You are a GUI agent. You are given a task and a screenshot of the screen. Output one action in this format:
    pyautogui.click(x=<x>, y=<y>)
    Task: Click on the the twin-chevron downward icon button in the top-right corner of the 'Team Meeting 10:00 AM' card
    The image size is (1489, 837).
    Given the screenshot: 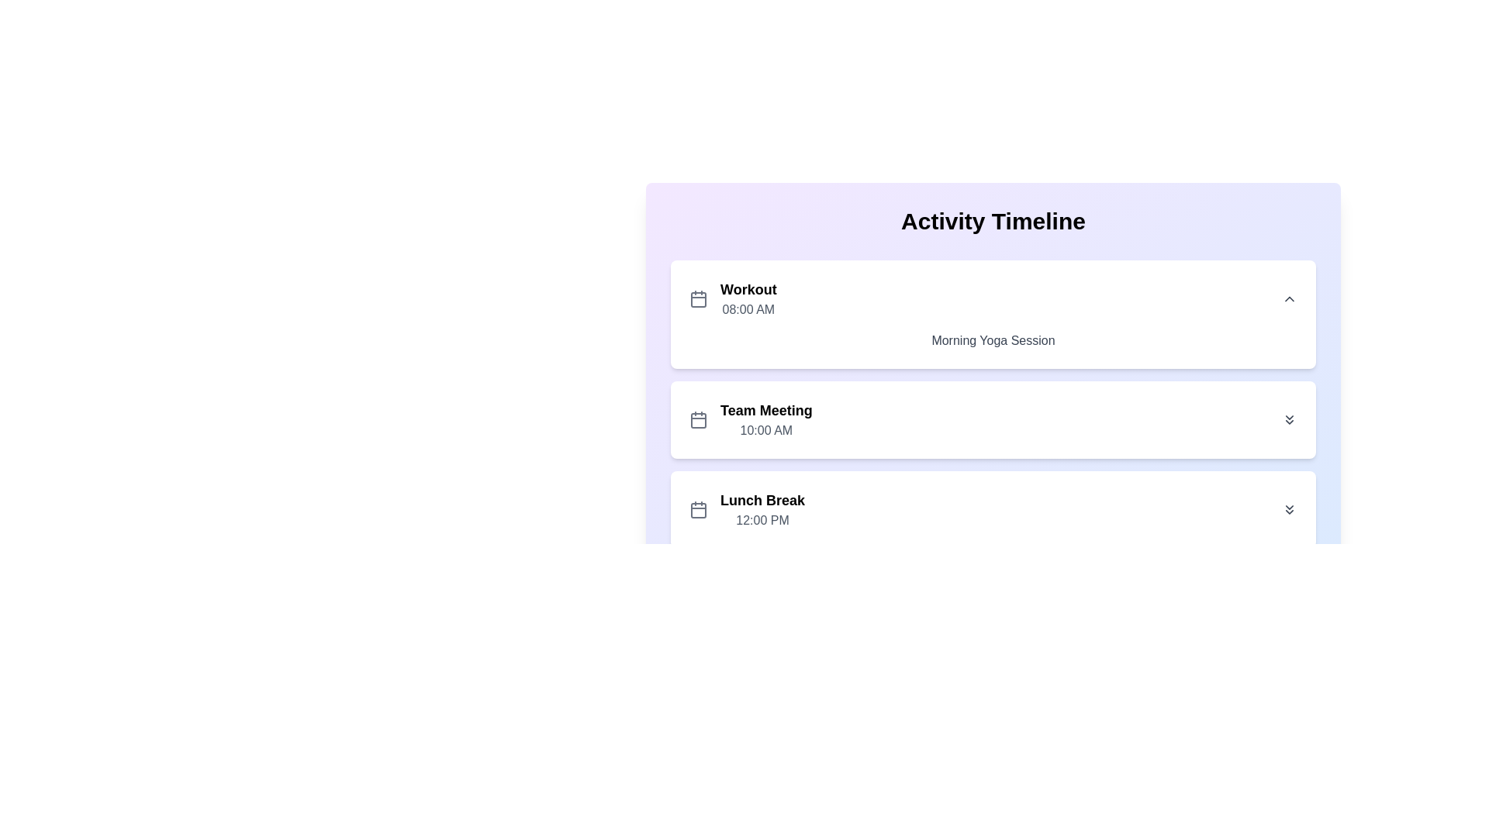 What is the action you would take?
    pyautogui.click(x=1289, y=420)
    